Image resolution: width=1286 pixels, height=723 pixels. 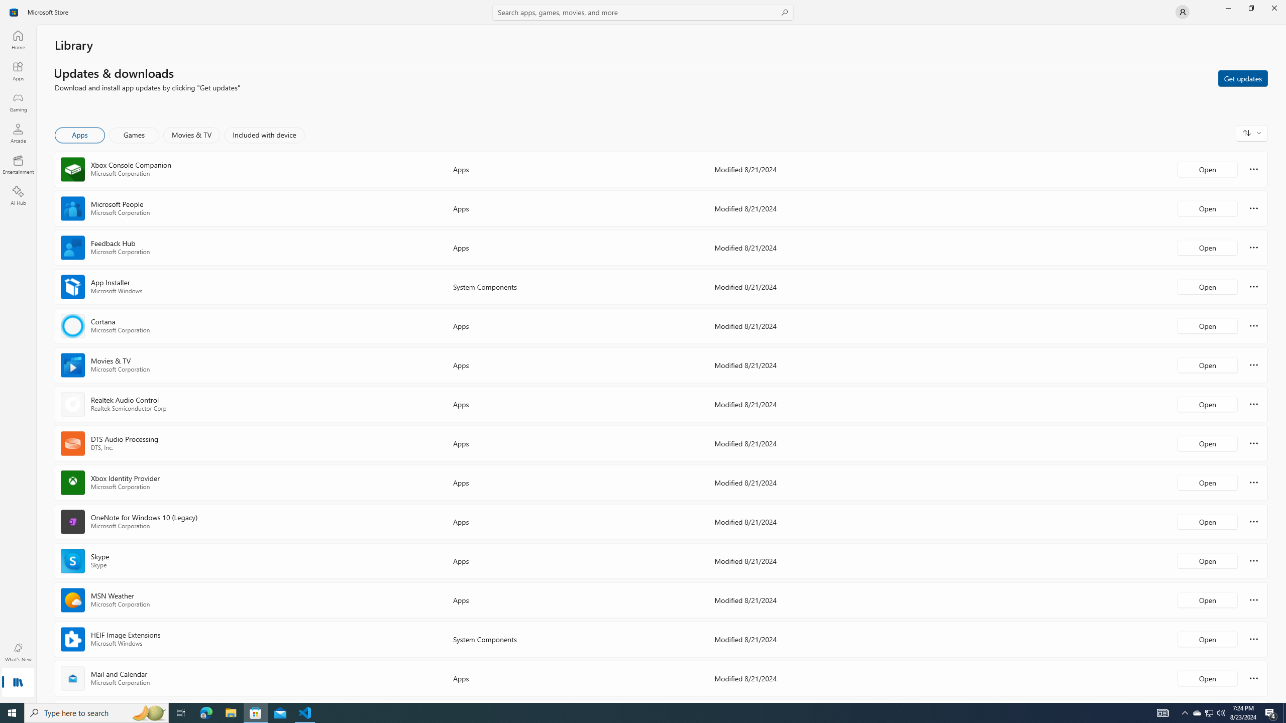 I want to click on 'Get updates', so click(x=1243, y=77).